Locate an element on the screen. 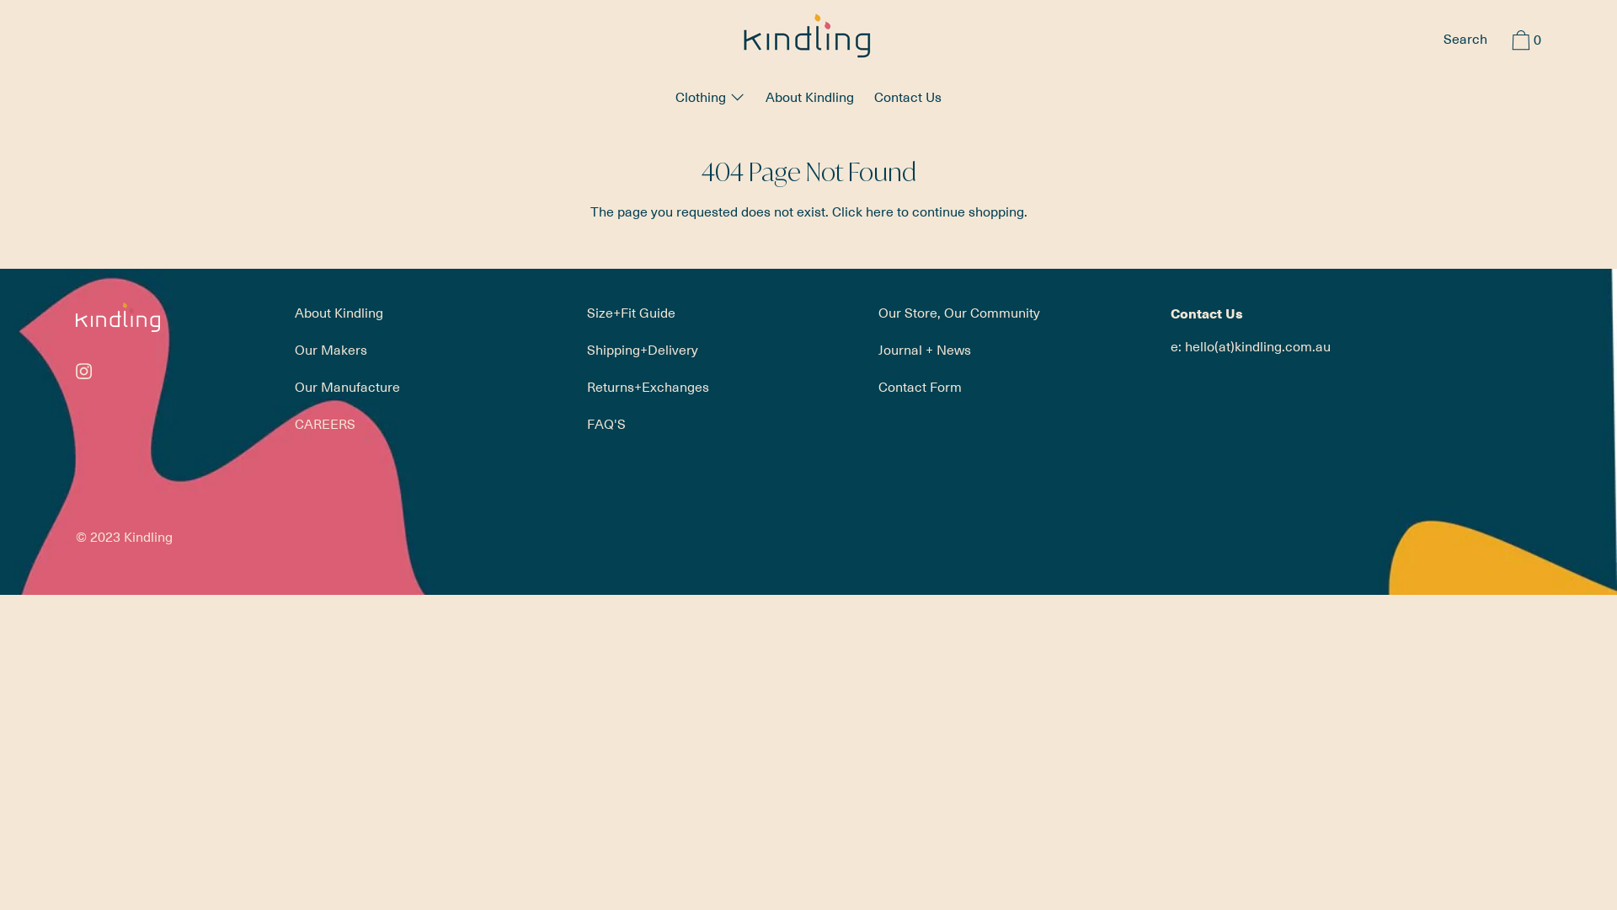 The width and height of the screenshot is (1617, 910). 'Our Makers' is located at coordinates (286, 349).